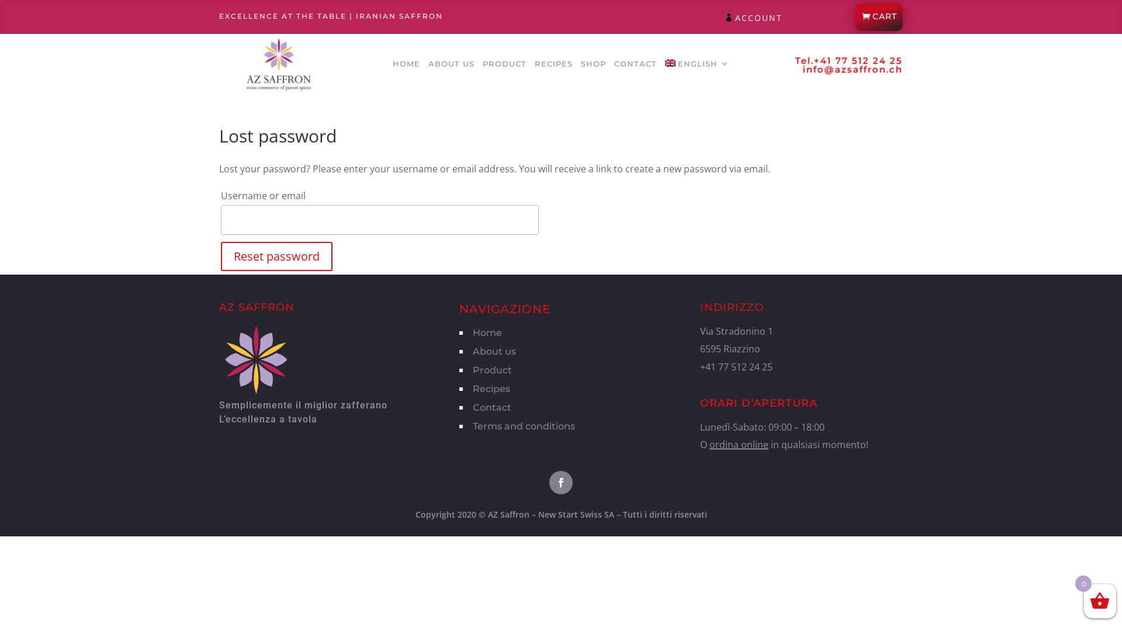  What do you see at coordinates (523, 426) in the screenshot?
I see `'Terms and conditions'` at bounding box center [523, 426].